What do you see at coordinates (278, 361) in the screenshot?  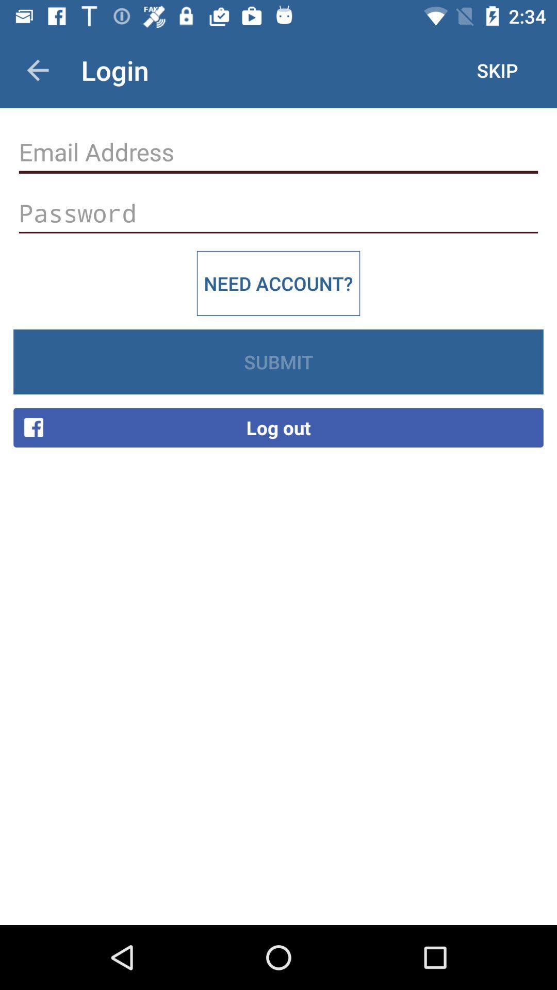 I see `the icon below the need account? item` at bounding box center [278, 361].